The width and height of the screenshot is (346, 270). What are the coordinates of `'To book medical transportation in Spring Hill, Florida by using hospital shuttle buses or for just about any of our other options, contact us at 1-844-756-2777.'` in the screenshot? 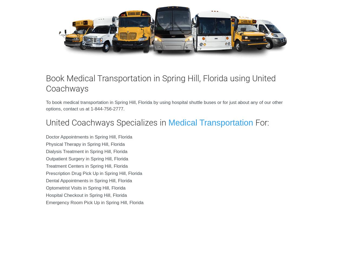 It's located at (164, 106).